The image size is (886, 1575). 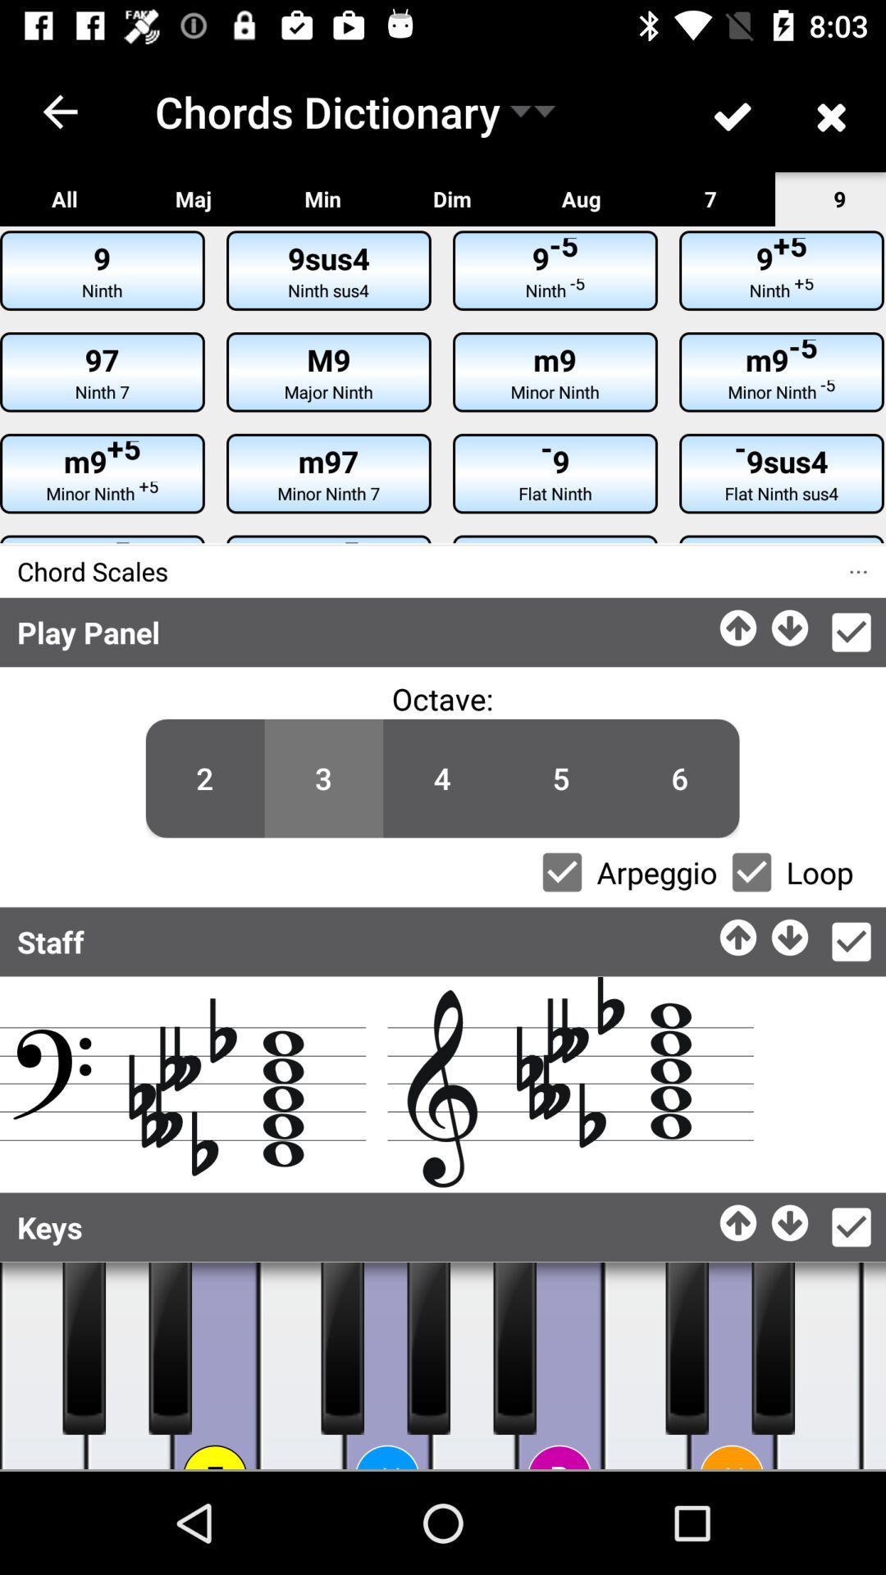 I want to click on check and uncheck, so click(x=561, y=871).